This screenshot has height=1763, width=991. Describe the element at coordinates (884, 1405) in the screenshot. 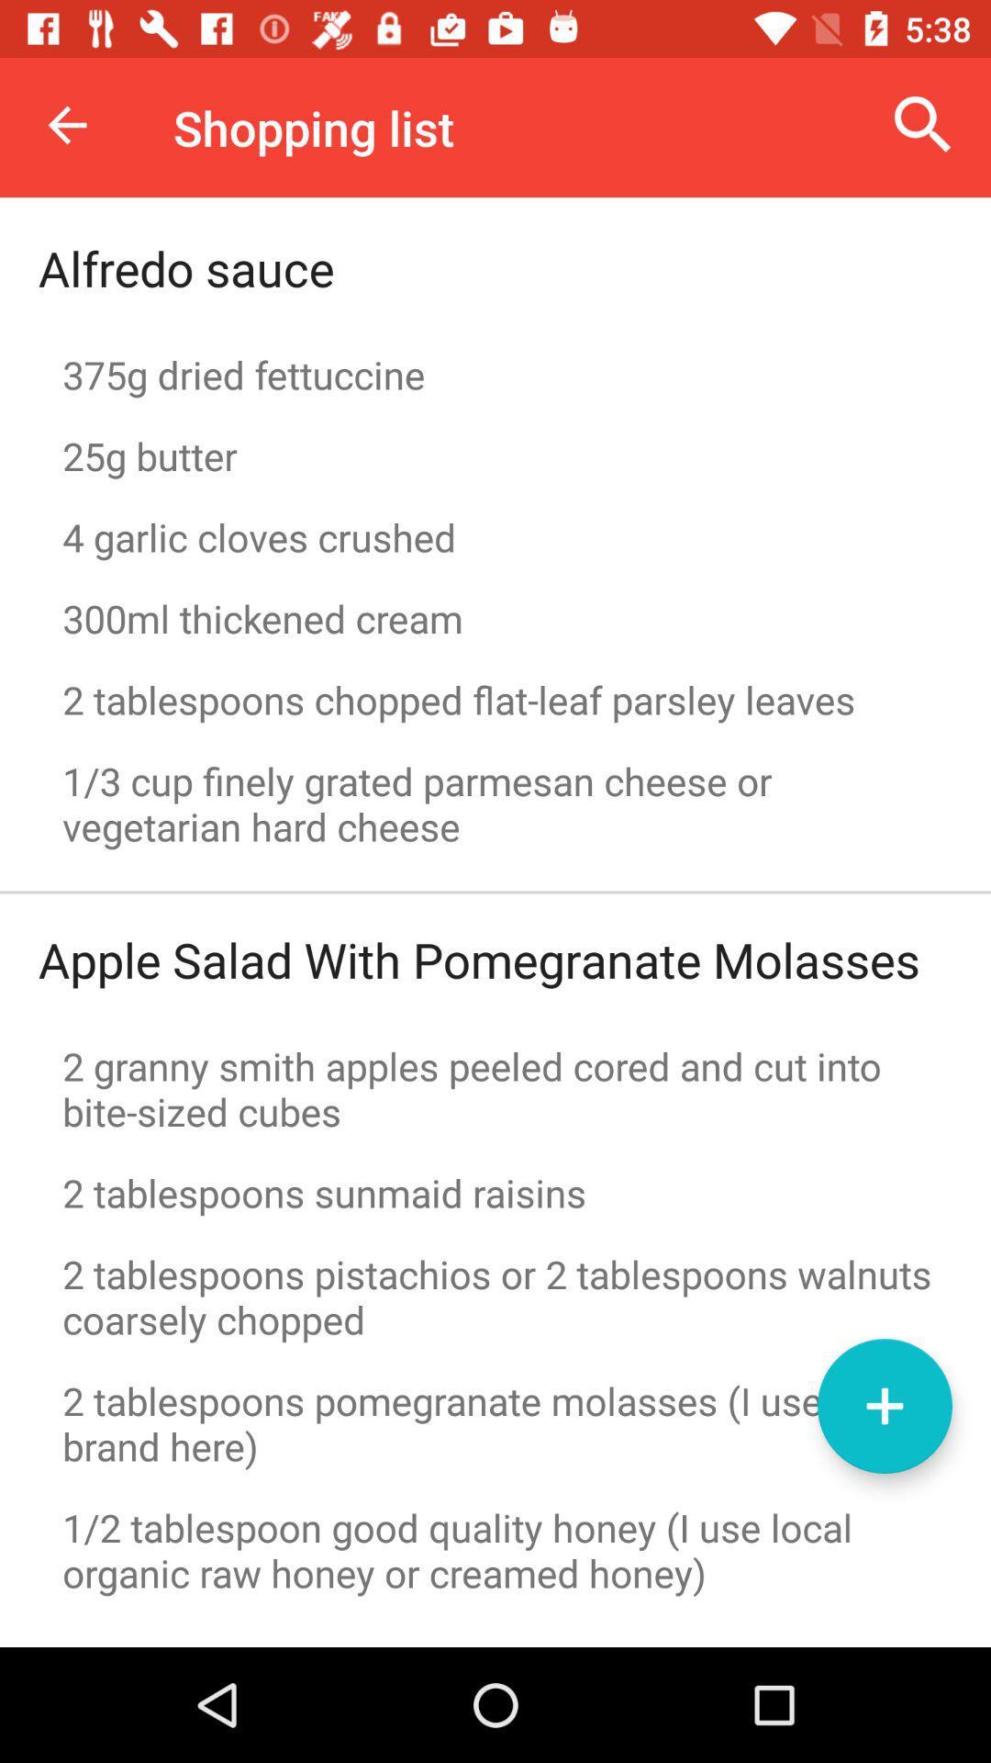

I see `the icon above 1 2 tablespoon` at that location.